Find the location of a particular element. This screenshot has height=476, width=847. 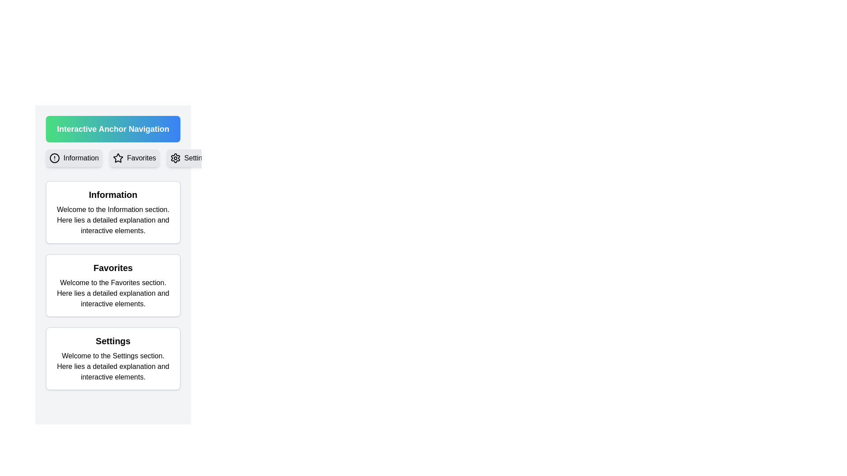

the 'Favorites' button in the navigation bar is located at coordinates (118, 157).